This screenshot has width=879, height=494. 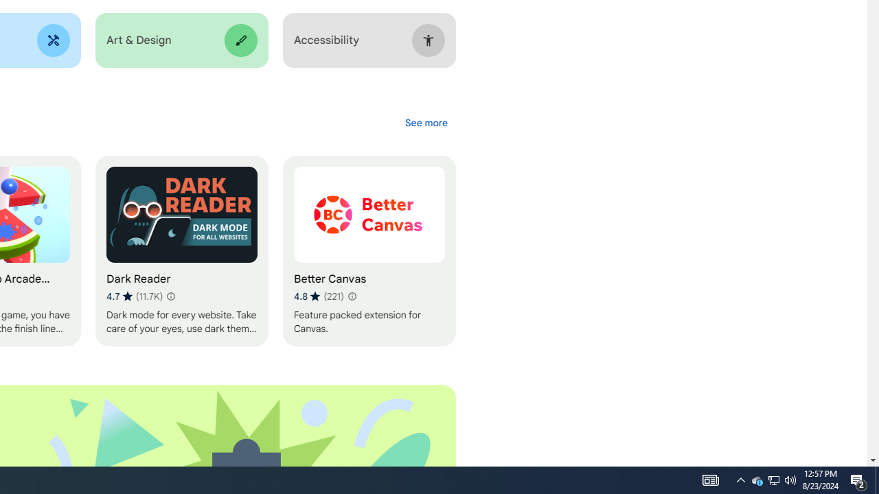 I want to click on 'Average rating 4.7 out of 5 stars. 11.7K ratings.', so click(x=134, y=296).